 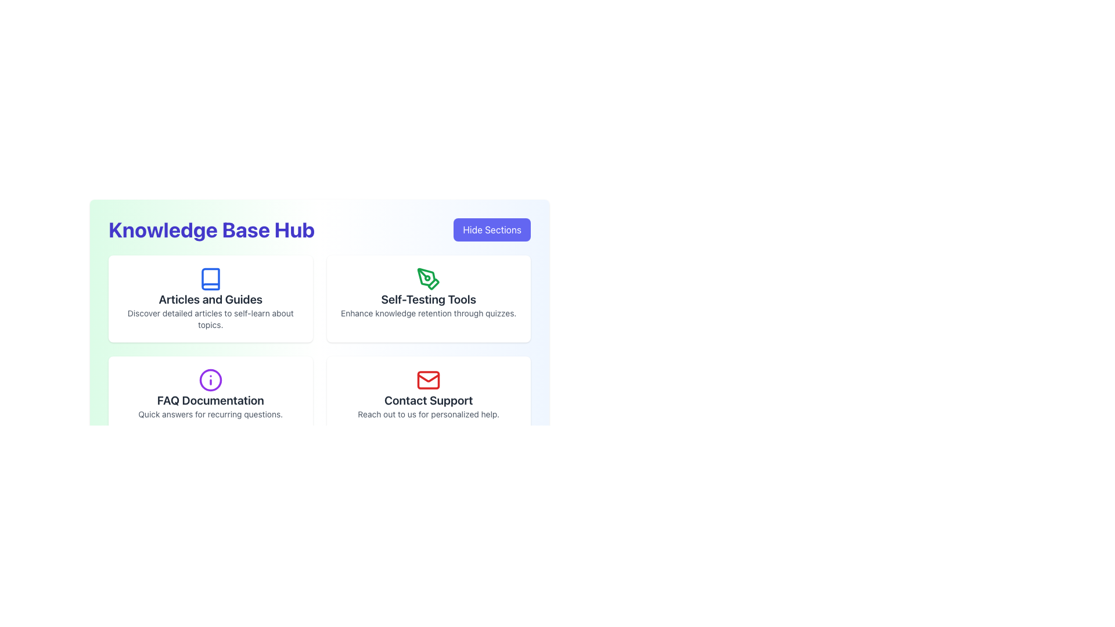 I want to click on the text element that reads 'Reach out to us for personalized help.' which is styled with a small font size and gray color, located below the 'Contact Support' heading in a card layout, so click(x=428, y=413).